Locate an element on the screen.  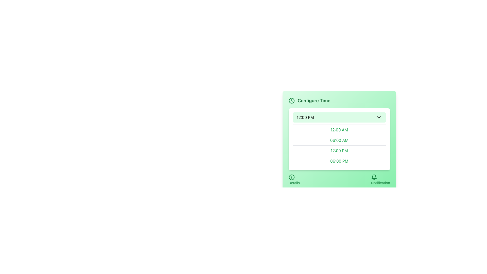
text label that serves as a heading for the time configuration section, located near the top-left corner of the green panel interface, to the right of a clock icon and directly above the time settings dropdown menu is located at coordinates (314, 101).